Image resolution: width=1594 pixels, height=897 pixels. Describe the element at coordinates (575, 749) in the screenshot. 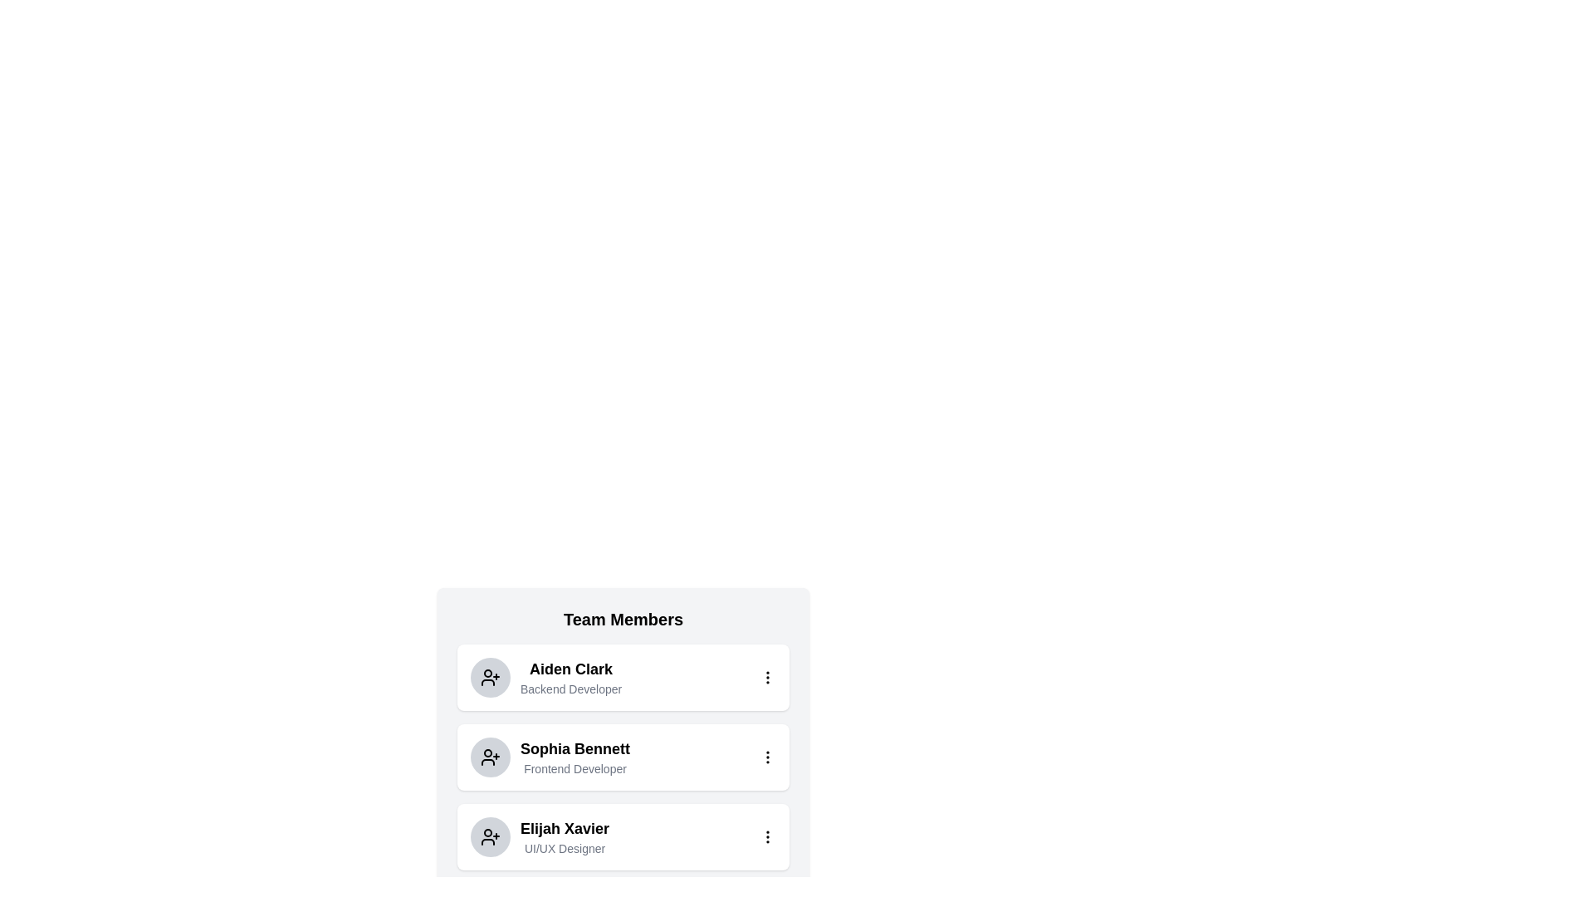

I see `text displayed in the prominent text label showing the name 'Sophia Bennett', which is located within the 'Team Members' card layout` at that location.